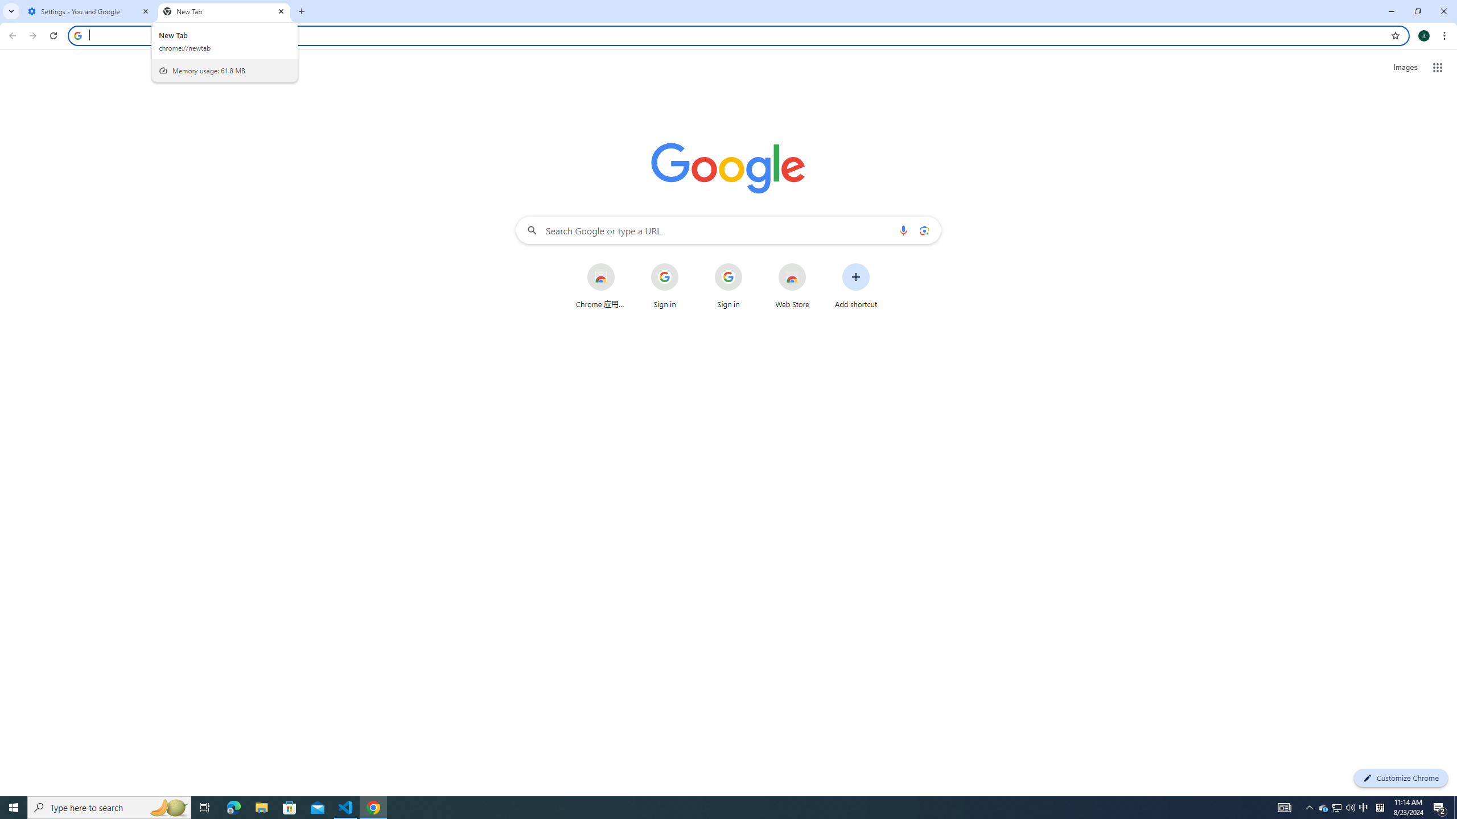  Describe the element at coordinates (1401, 777) in the screenshot. I see `'Customize Chrome'` at that location.